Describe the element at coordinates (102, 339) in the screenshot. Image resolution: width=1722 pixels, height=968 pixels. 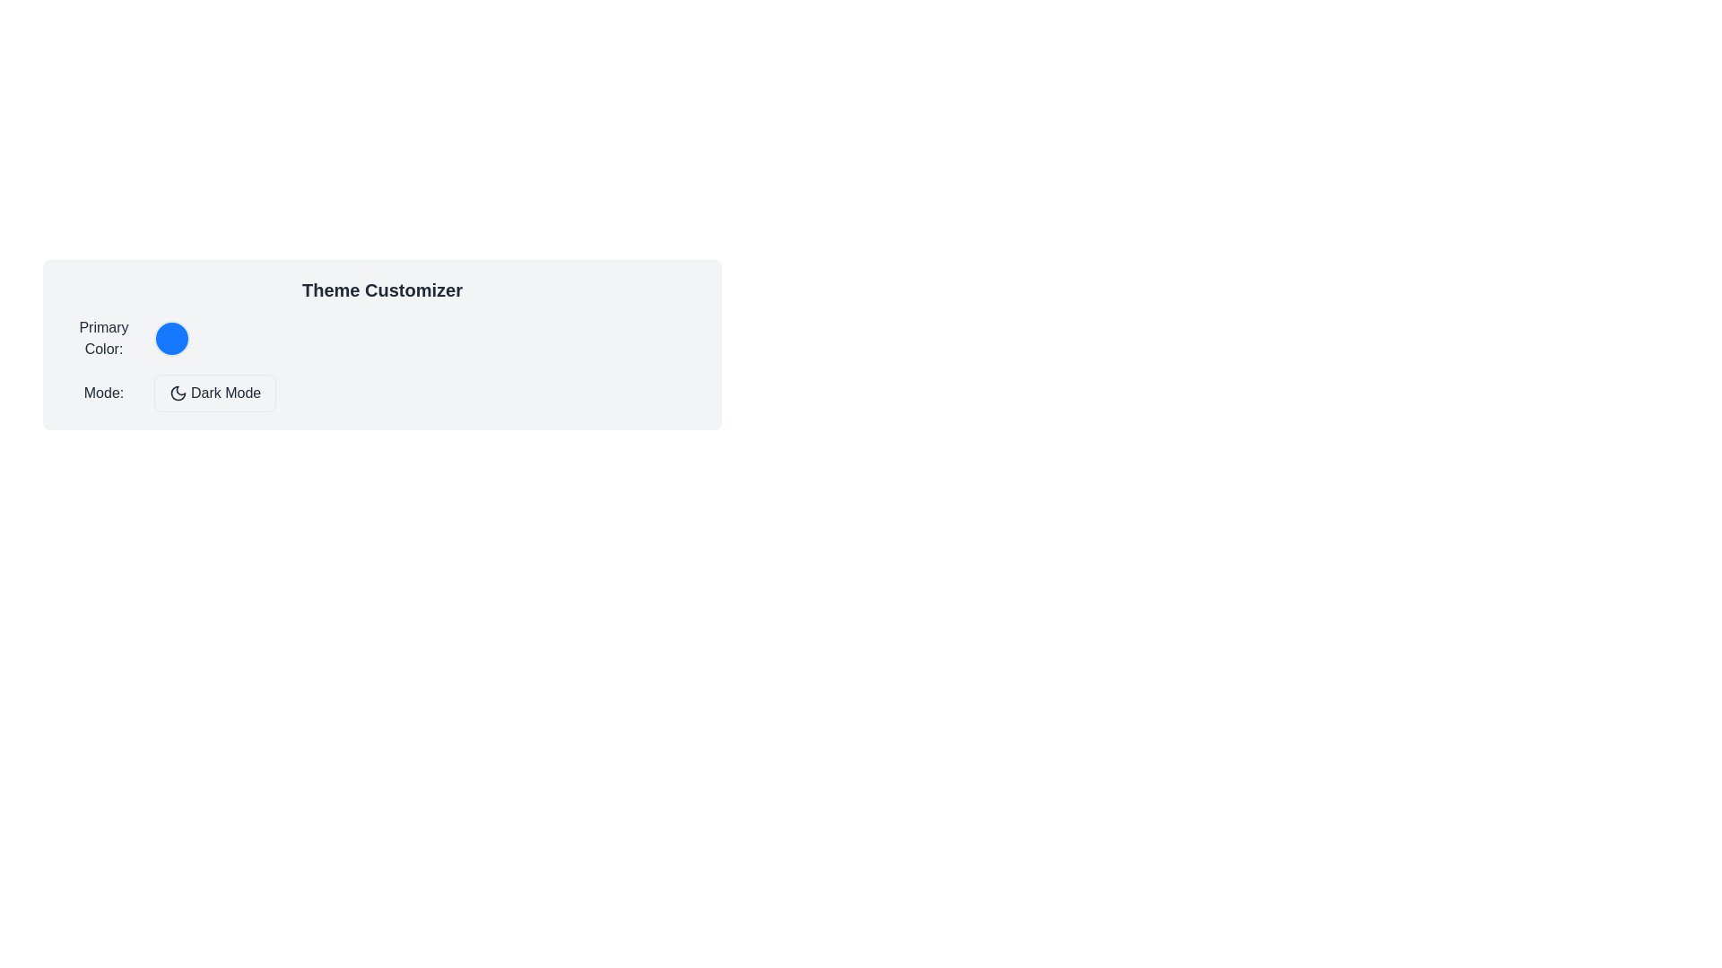
I see `the static text label that describes the adjacent circular color indicator in the 'Theme Customizer' panel` at that location.